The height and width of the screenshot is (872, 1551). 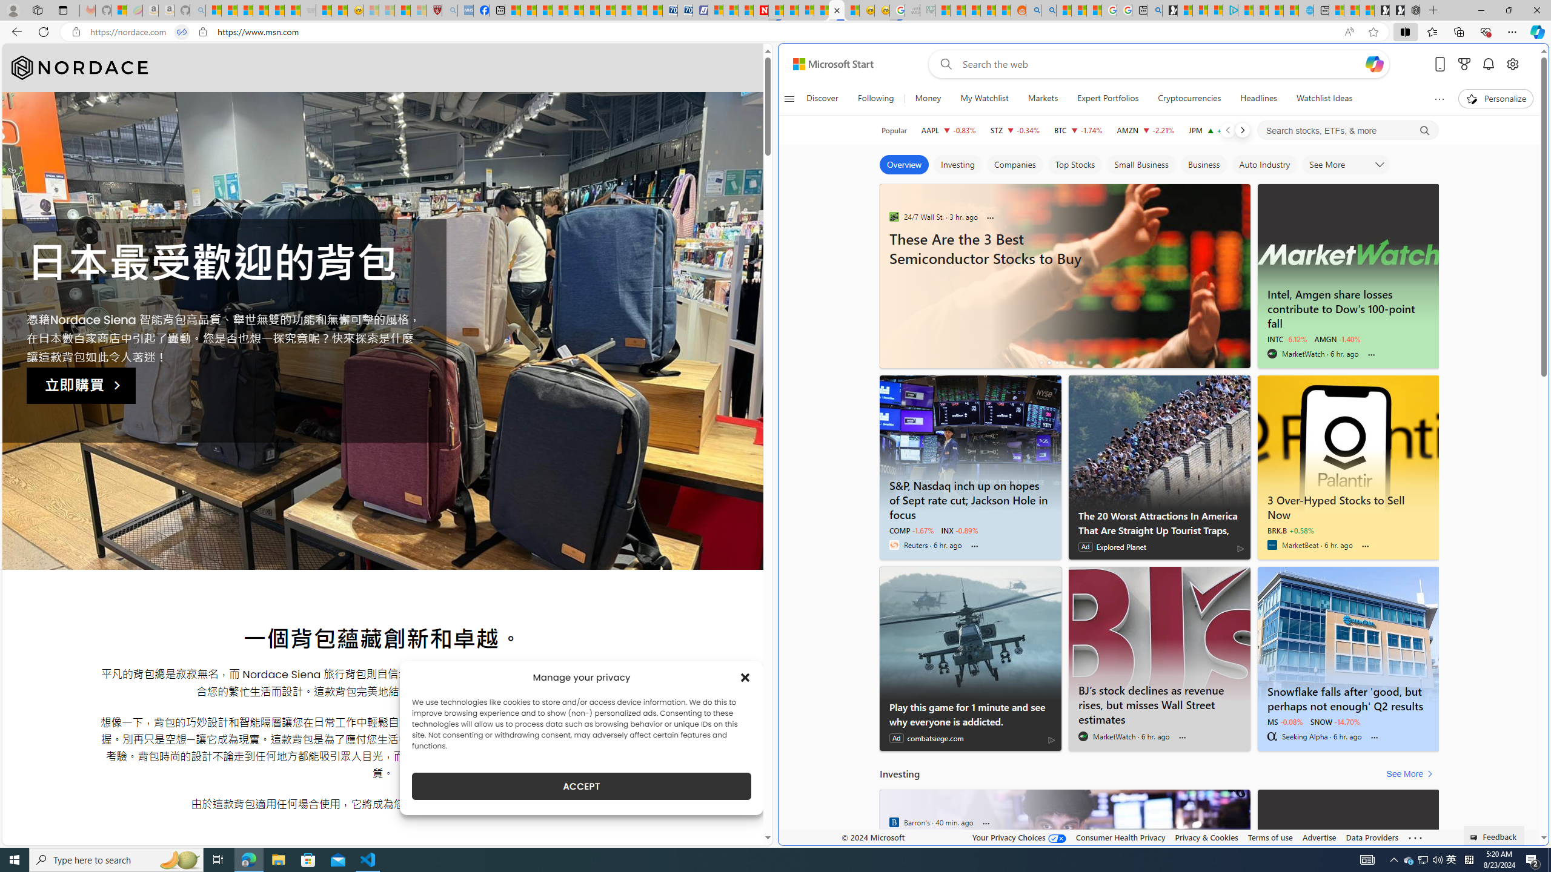 I want to click on 'Cryptocurrencies', so click(x=1189, y=98).